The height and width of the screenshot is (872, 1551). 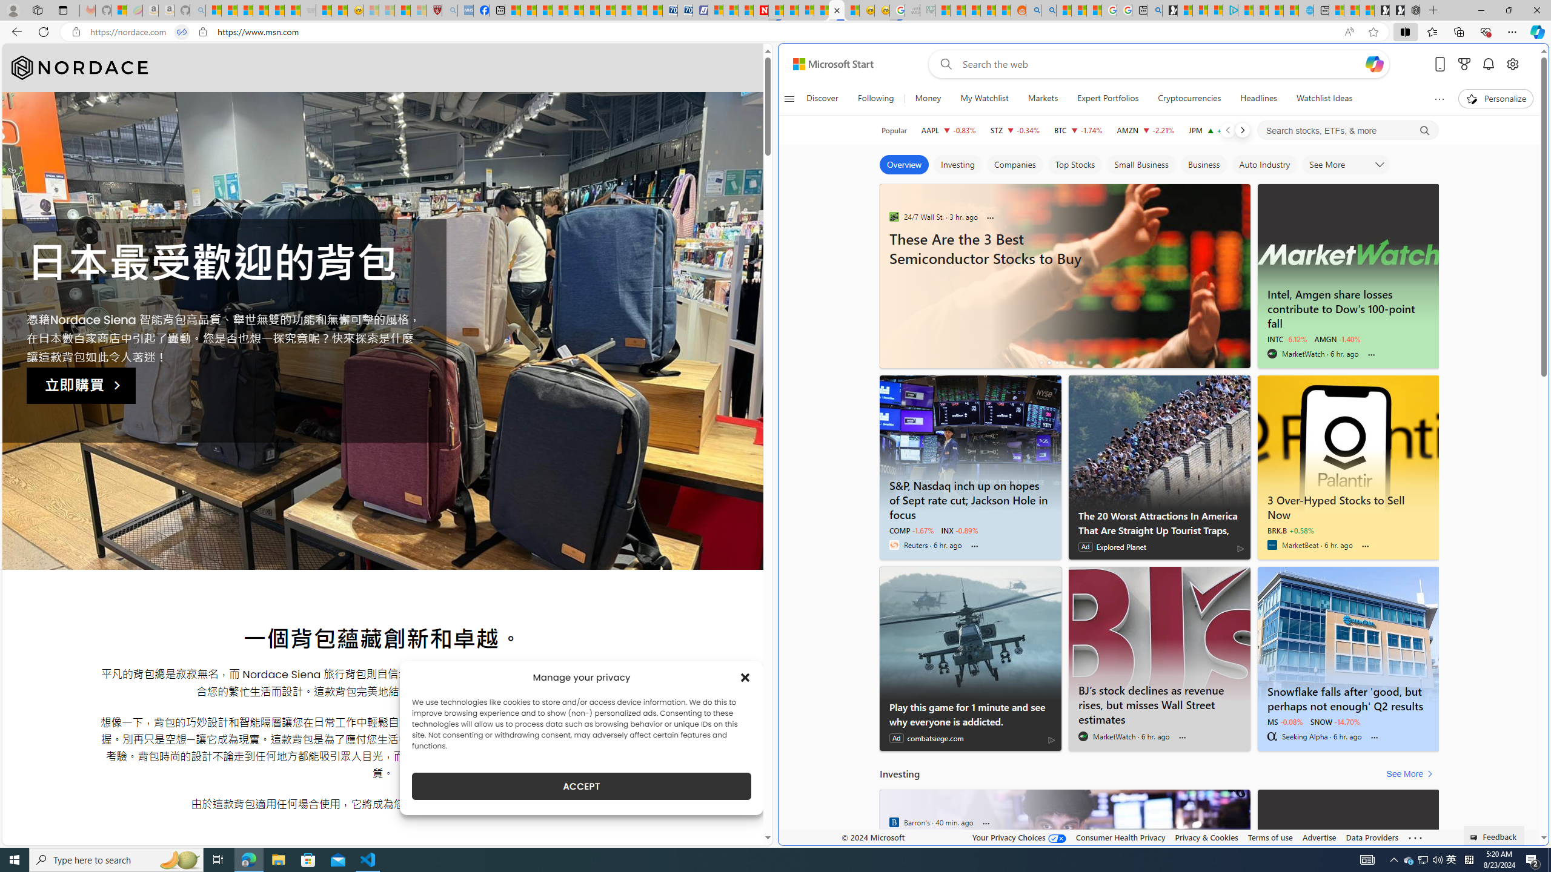 I want to click on 'Cryptocurrencies', so click(x=1189, y=98).